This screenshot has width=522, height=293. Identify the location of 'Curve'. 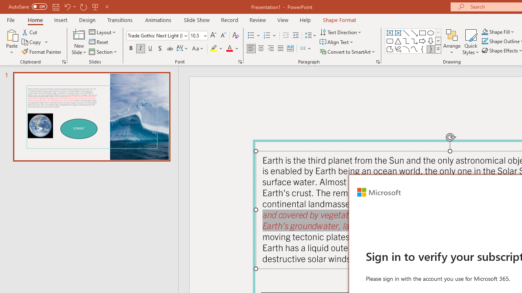
(414, 49).